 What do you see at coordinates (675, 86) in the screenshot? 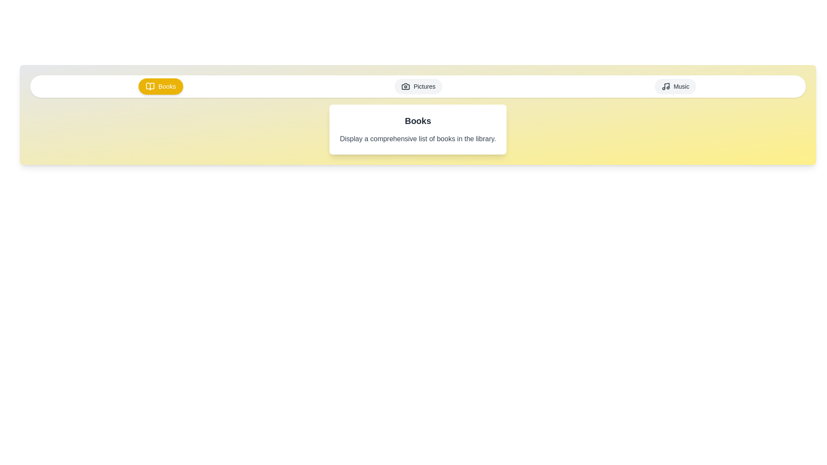
I see `the Music tab by clicking on it` at bounding box center [675, 86].